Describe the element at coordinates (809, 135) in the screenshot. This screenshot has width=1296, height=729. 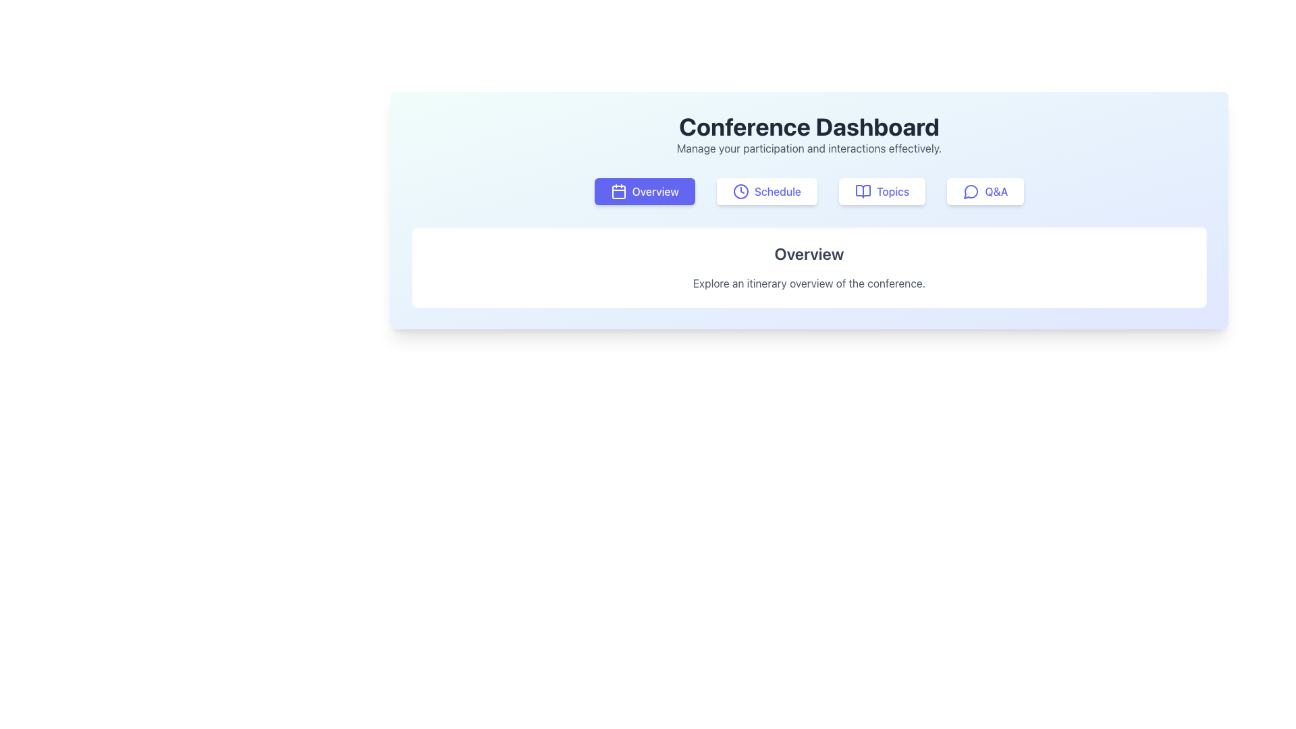
I see `the centered heading section displaying 'Conference Dashboard' and its descriptive text` at that location.